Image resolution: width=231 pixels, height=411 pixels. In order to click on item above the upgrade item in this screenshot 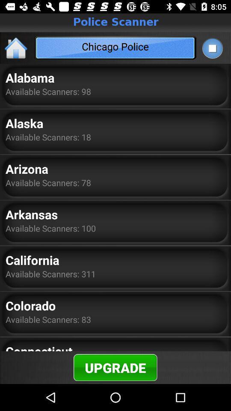, I will do `click(38, 347)`.